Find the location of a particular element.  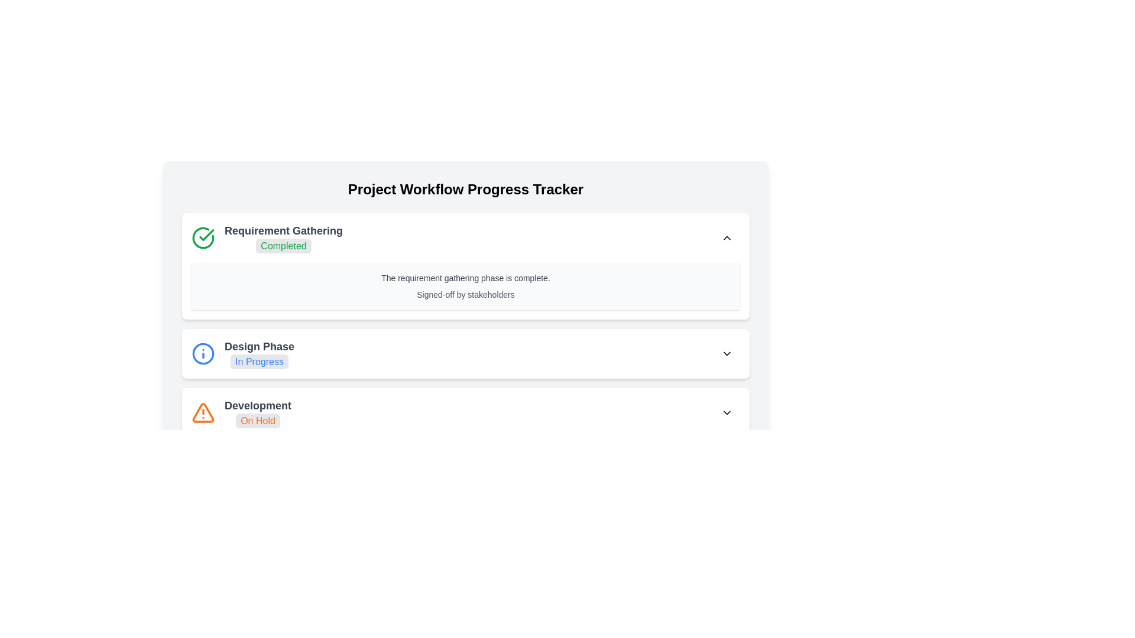

the 'Development' text label with the 'On Hold' status and orange warning icon is located at coordinates (241, 412).